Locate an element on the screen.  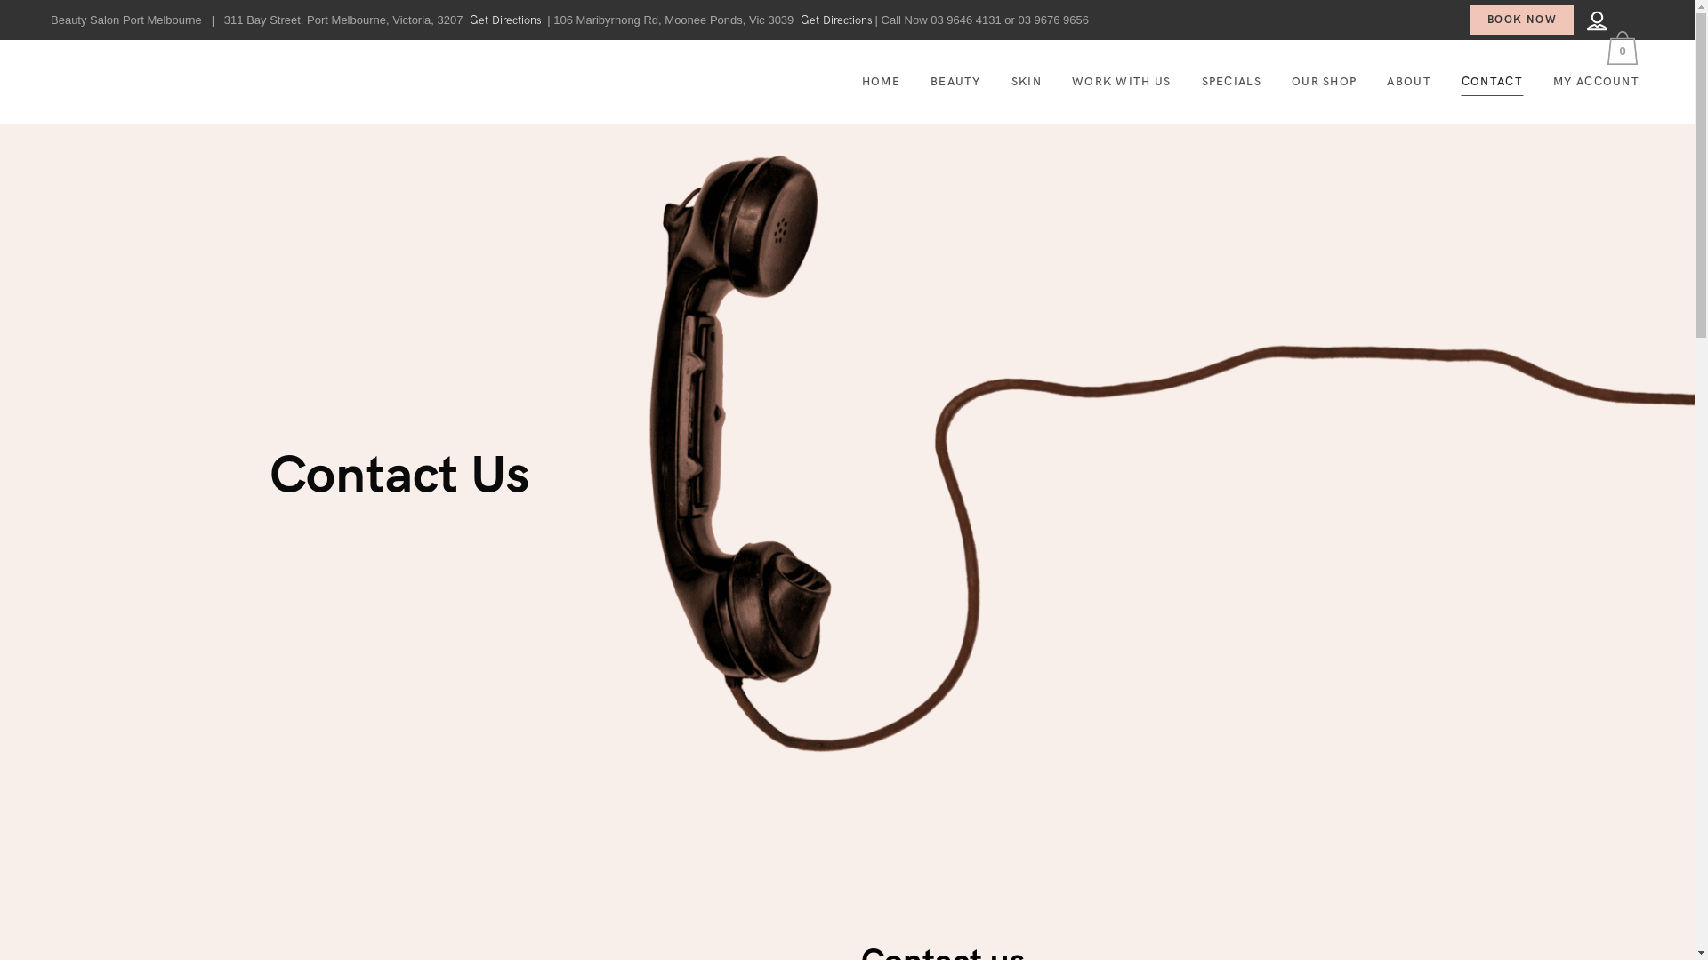
'Get Directions' is located at coordinates (506, 20).